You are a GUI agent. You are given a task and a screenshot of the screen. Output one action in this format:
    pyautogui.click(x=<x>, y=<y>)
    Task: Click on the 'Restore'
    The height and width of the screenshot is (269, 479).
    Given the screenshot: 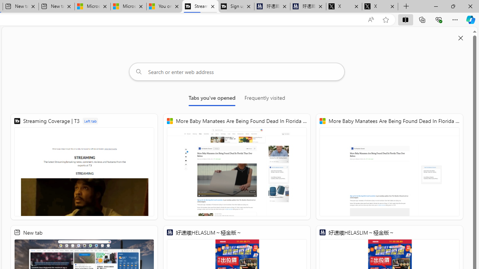 What is the action you would take?
    pyautogui.click(x=452, y=6)
    